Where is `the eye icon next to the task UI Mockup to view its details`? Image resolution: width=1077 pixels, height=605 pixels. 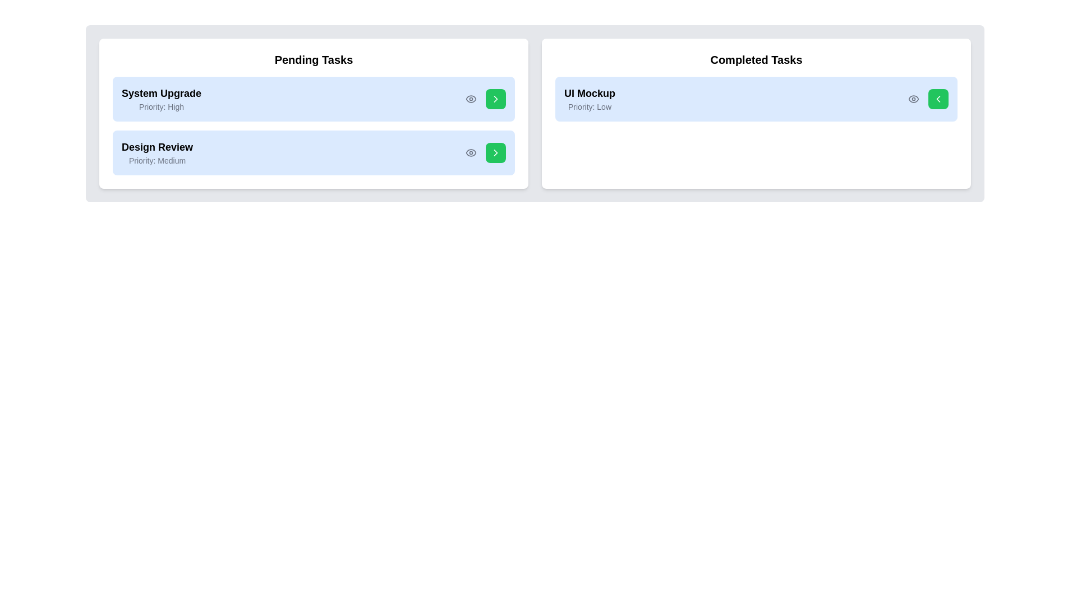
the eye icon next to the task UI Mockup to view its details is located at coordinates (913, 99).